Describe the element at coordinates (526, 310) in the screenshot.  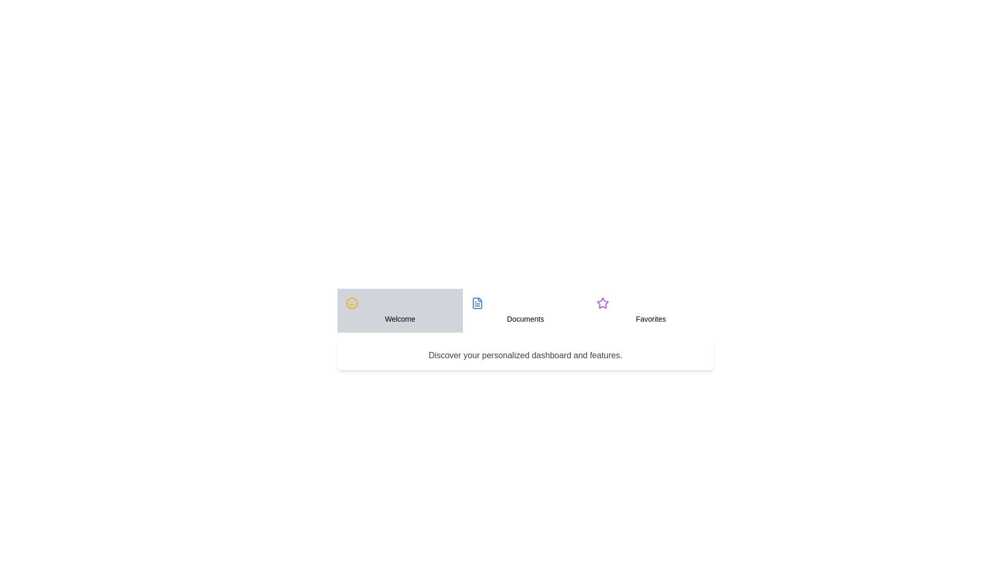
I see `the tab titled Documents by clicking on it` at that location.